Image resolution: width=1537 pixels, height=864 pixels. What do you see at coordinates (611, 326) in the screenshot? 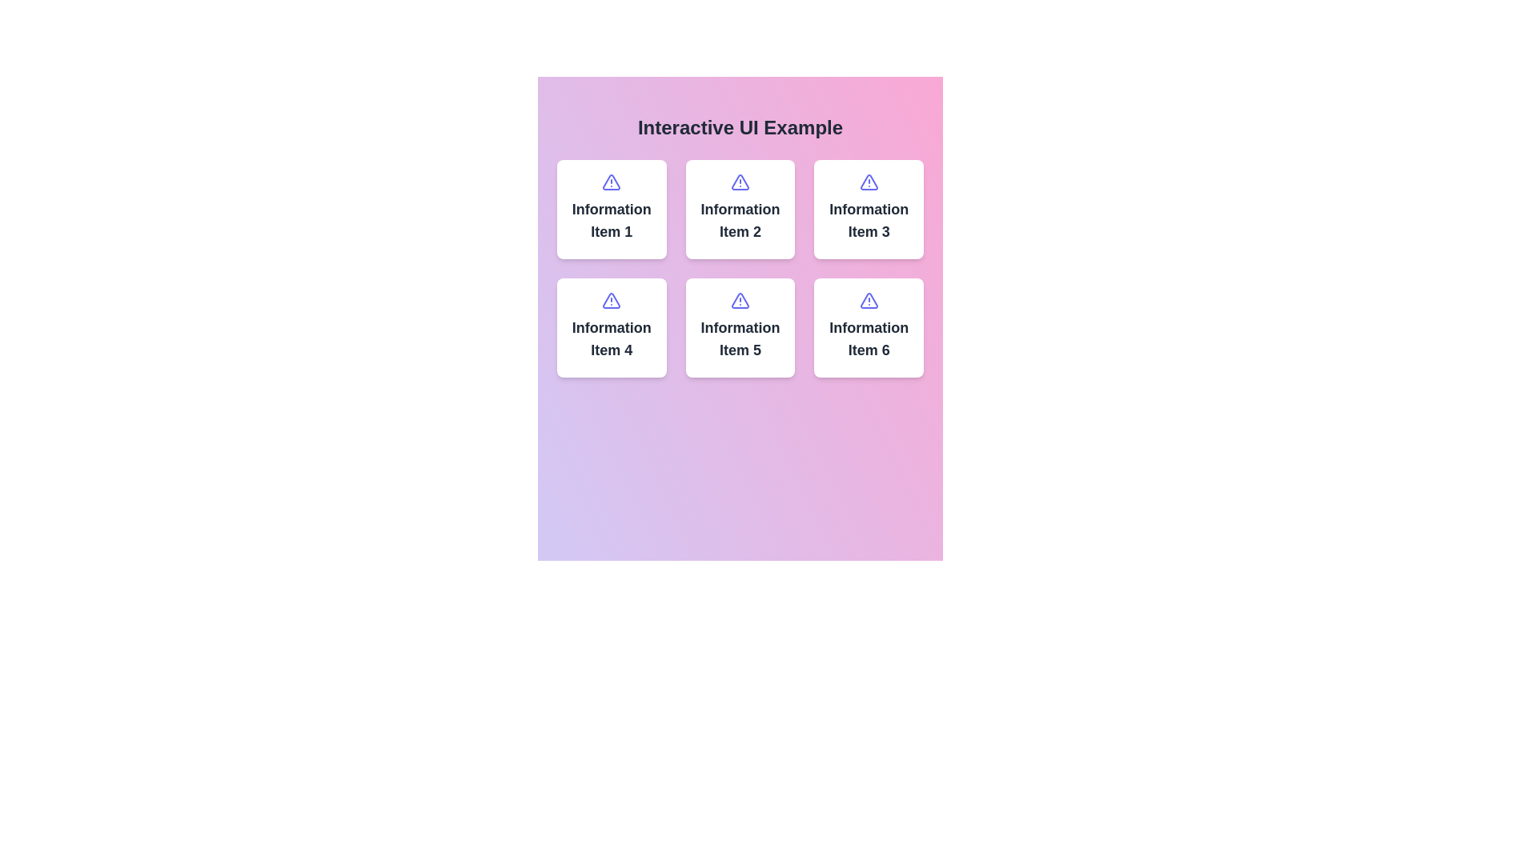
I see `the icon` at bounding box center [611, 326].